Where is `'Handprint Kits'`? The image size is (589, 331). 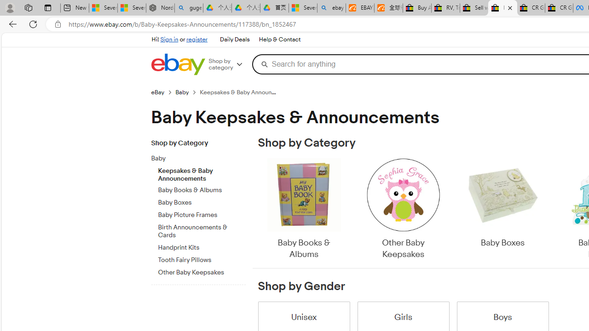
'Handprint Kits' is located at coordinates (201, 245).